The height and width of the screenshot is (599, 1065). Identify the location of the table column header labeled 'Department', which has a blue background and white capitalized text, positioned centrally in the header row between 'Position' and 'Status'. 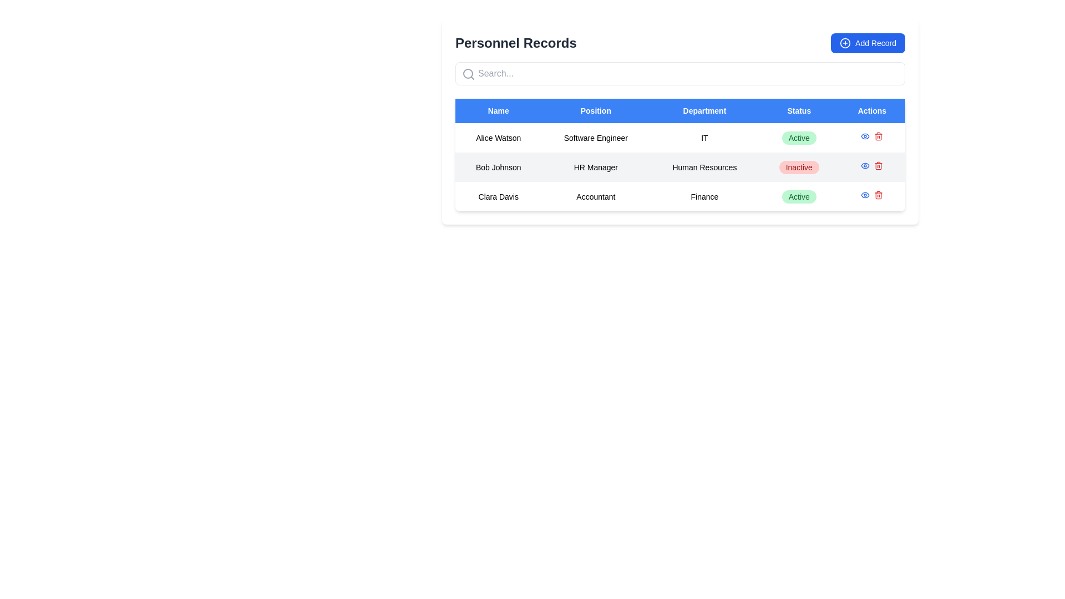
(704, 111).